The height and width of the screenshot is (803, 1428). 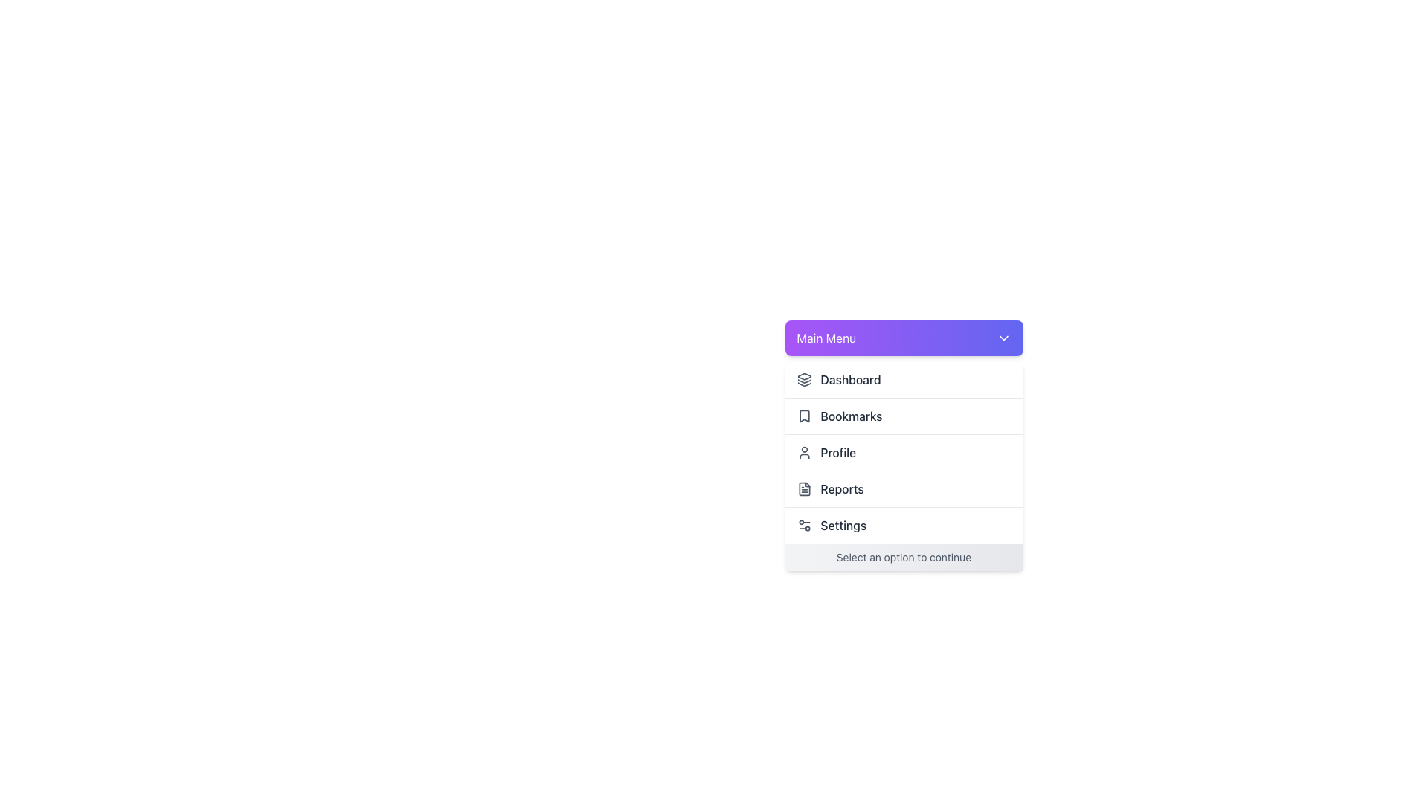 I want to click on the stylized document icon located in the dropdown menu under the 'Main Menu' header, which is the fourth option from the top and adjacent to the 'Reports' label, so click(x=803, y=489).